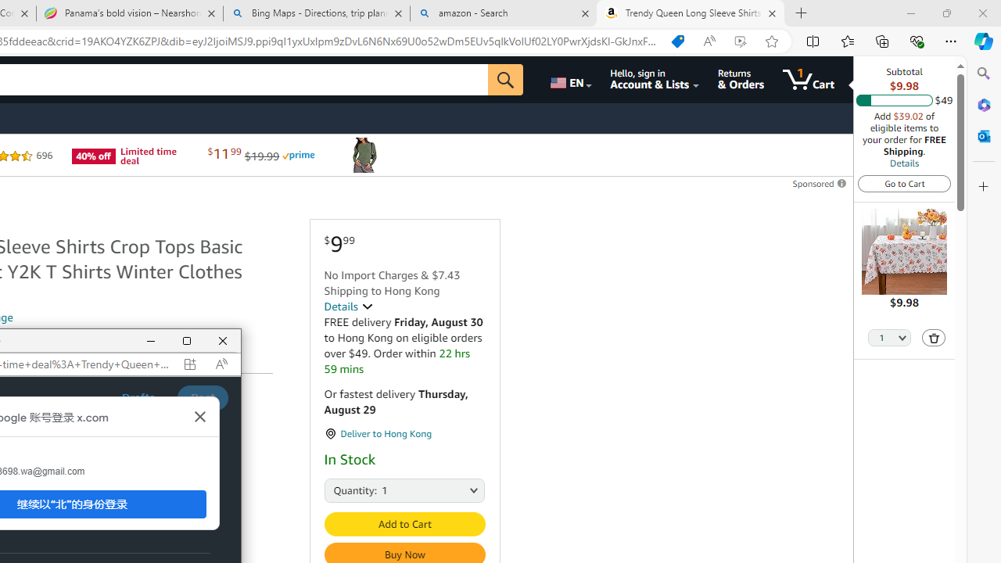  Describe the element at coordinates (655, 79) in the screenshot. I see `'Hello, sign in Account & Lists'` at that location.